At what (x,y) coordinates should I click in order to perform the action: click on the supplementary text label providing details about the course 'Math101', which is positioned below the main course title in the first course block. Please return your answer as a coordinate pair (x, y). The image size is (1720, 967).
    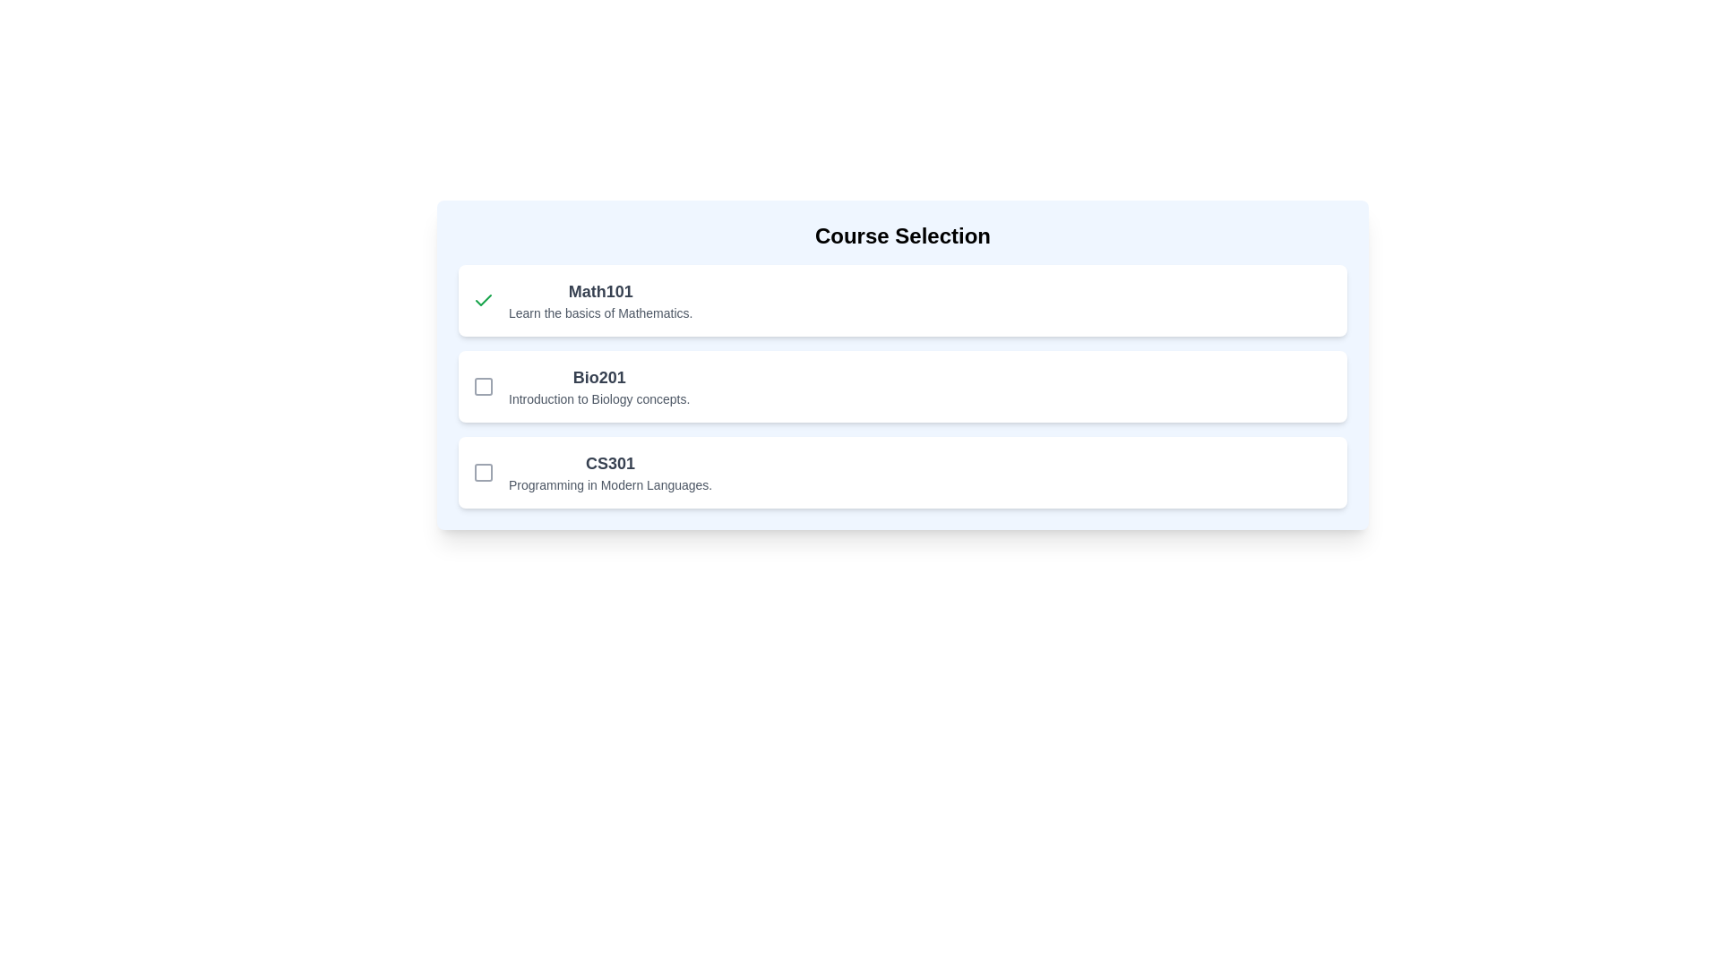
    Looking at the image, I should click on (600, 312).